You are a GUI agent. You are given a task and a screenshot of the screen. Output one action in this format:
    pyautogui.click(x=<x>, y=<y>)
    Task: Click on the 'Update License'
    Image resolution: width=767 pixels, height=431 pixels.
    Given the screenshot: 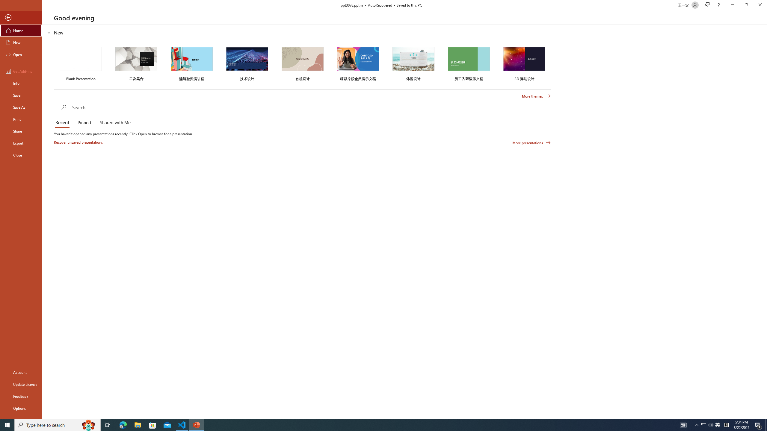 What is the action you would take?
    pyautogui.click(x=21, y=384)
    